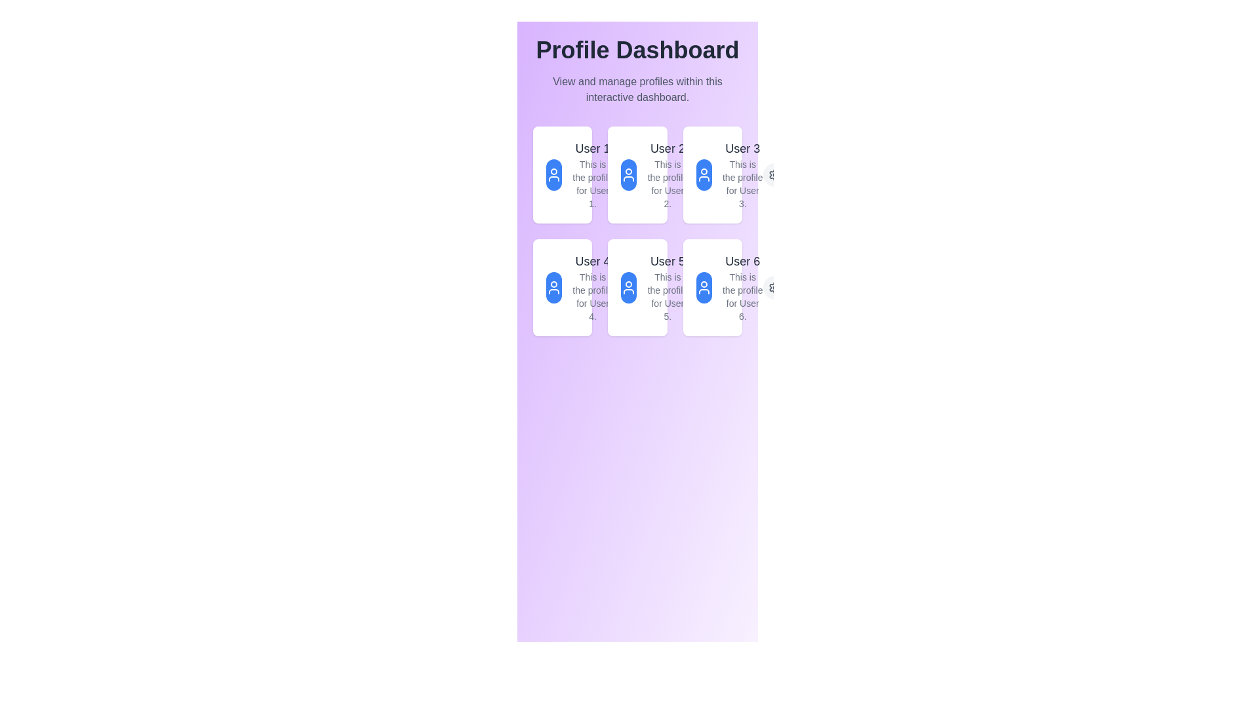  I want to click on the profile name text element located in the leftmost card of the second row of the grid layout, so click(592, 261).